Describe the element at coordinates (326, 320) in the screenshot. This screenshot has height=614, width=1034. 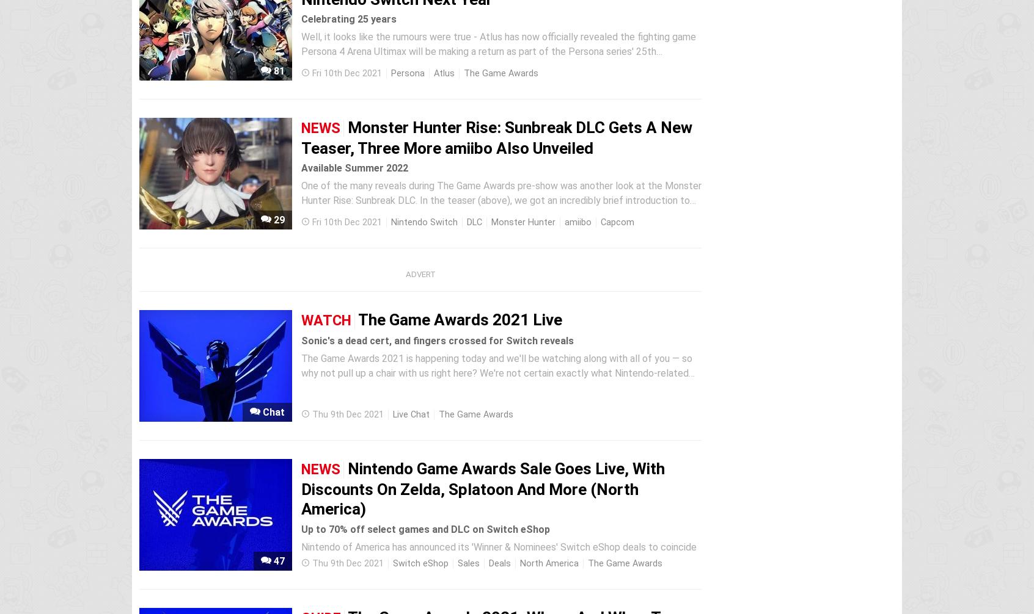
I see `'Watch'` at that location.